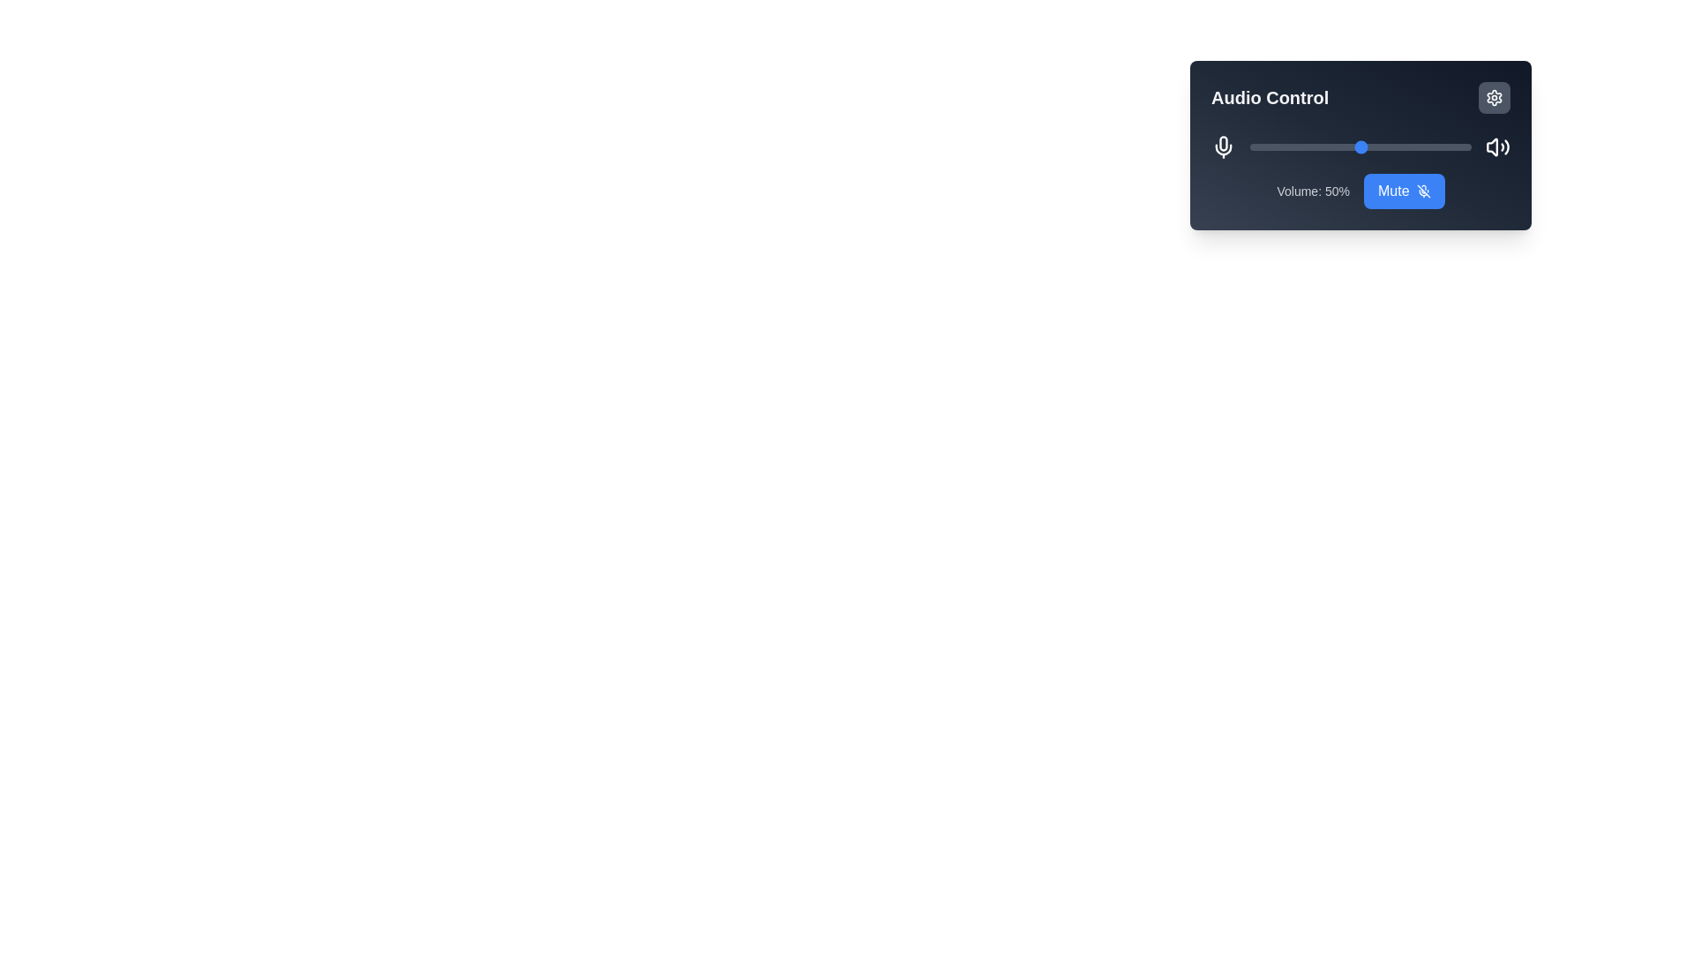  Describe the element at coordinates (1491, 146) in the screenshot. I see `the audio control panel speaker icon represented by a speaker with sound waves, which is the leftmost component of three symbols` at that location.